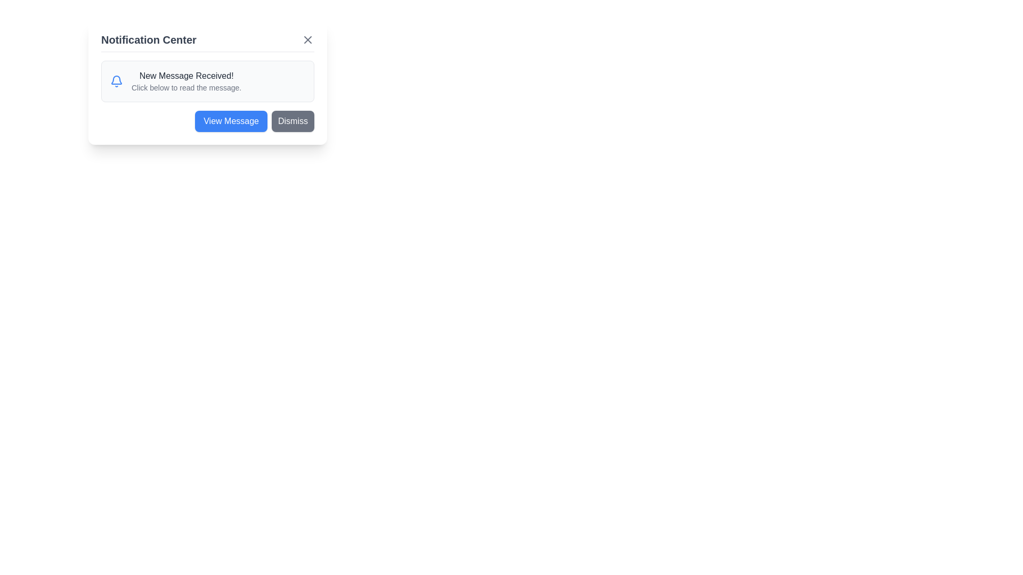 The image size is (1023, 575). Describe the element at coordinates (186, 87) in the screenshot. I see `the text label that provides guidance to the user, which is positioned below the 'New Message Received!' title in the notification card` at that location.